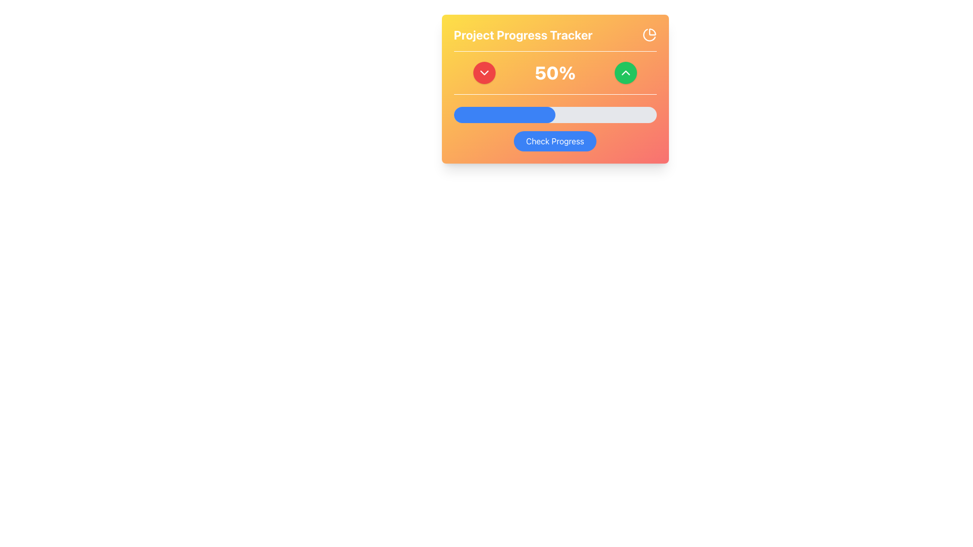  I want to click on the decorative SVG graphic that represents a pie-chart slice in the top-right corner of the 'Project Progress Tracker' card, so click(652, 31).